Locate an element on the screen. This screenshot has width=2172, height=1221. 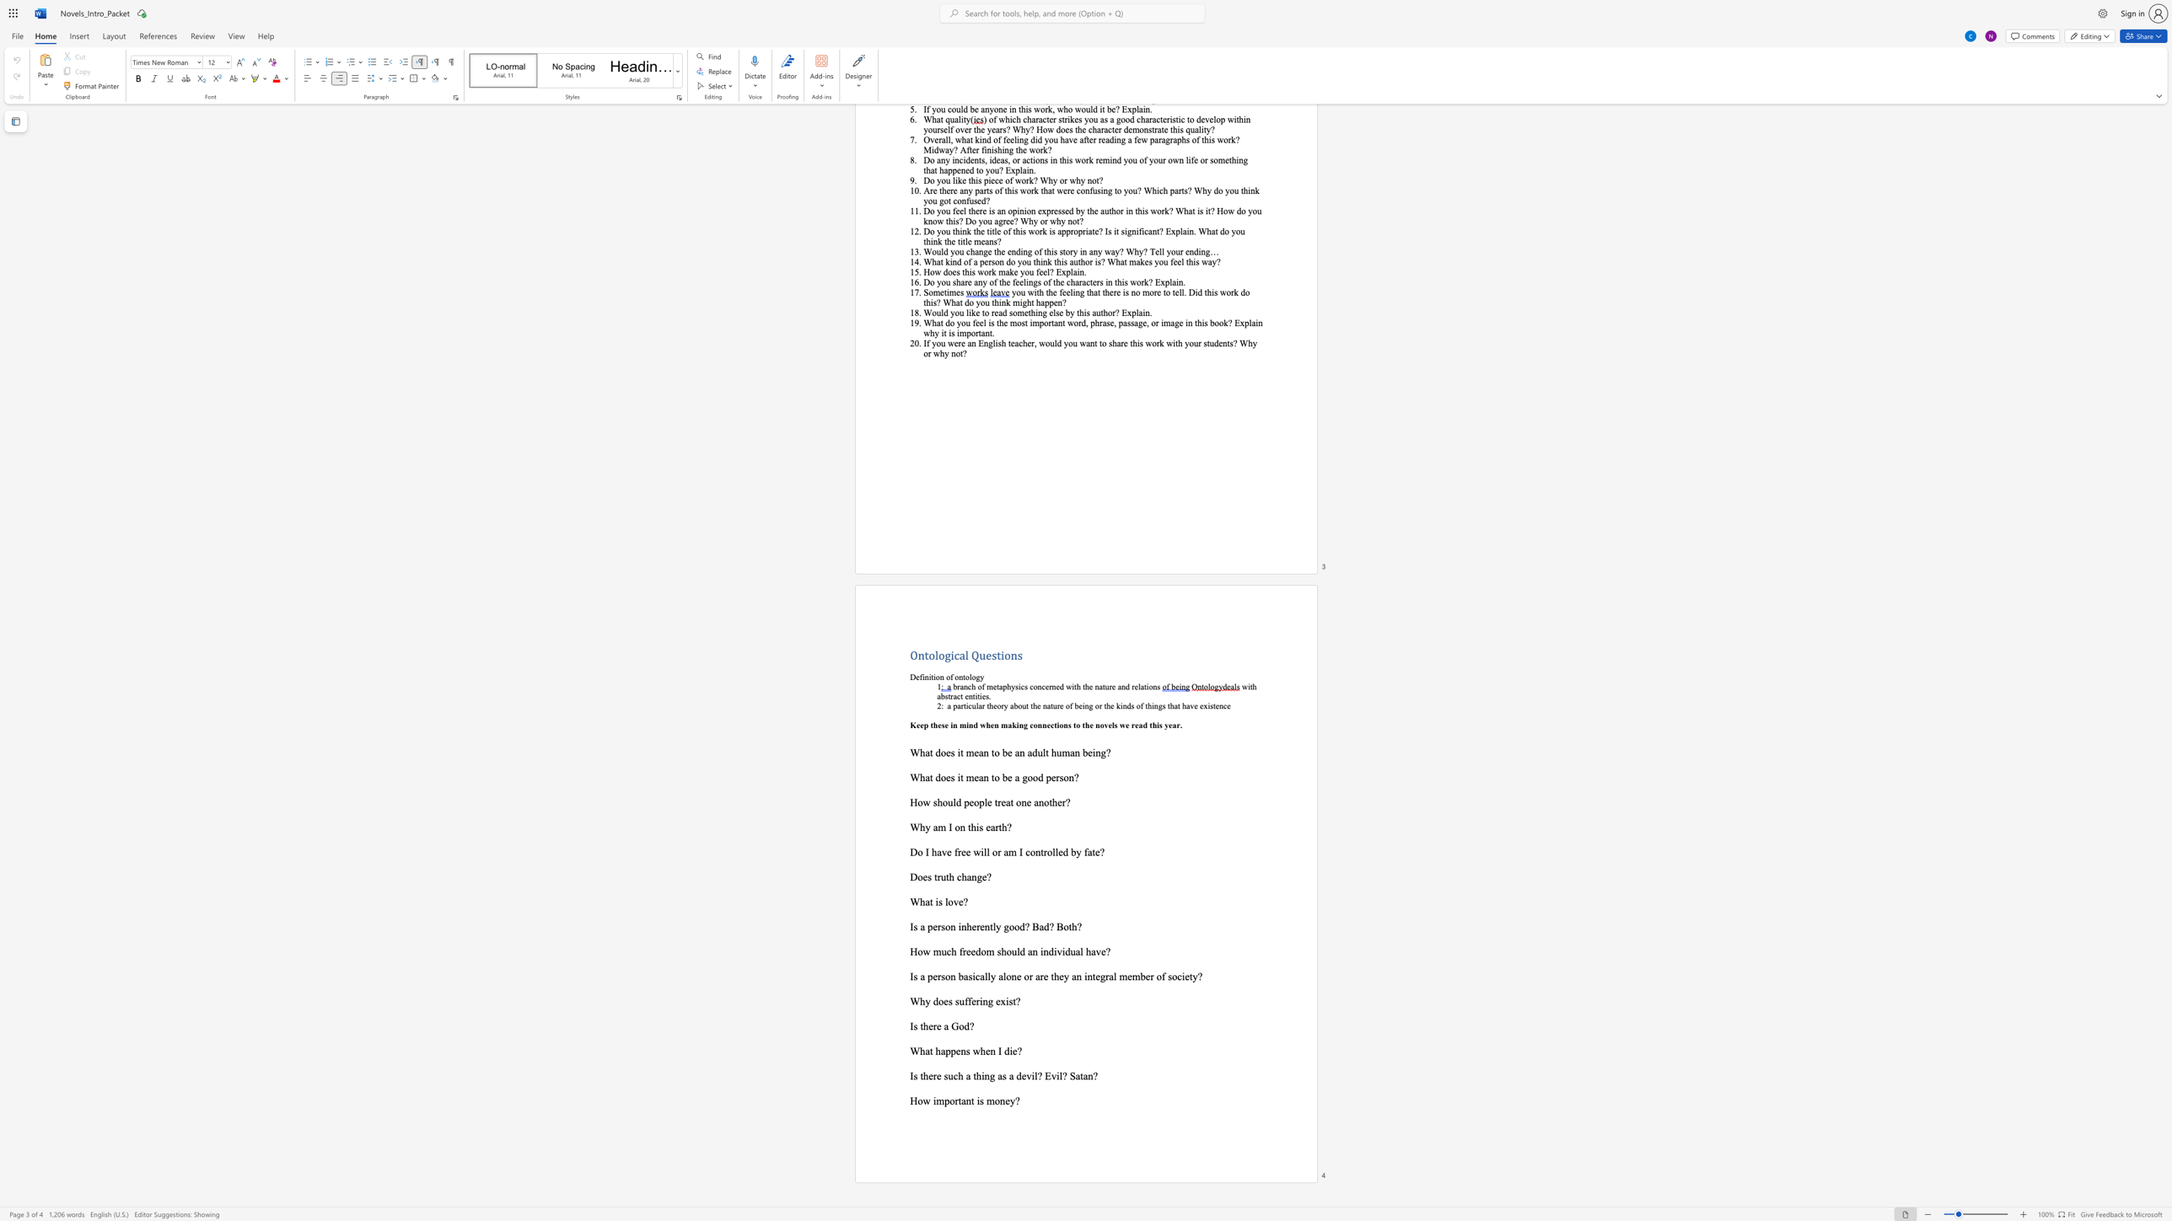
the subset text "love?" within the text "What is love?" is located at coordinates (944, 901).